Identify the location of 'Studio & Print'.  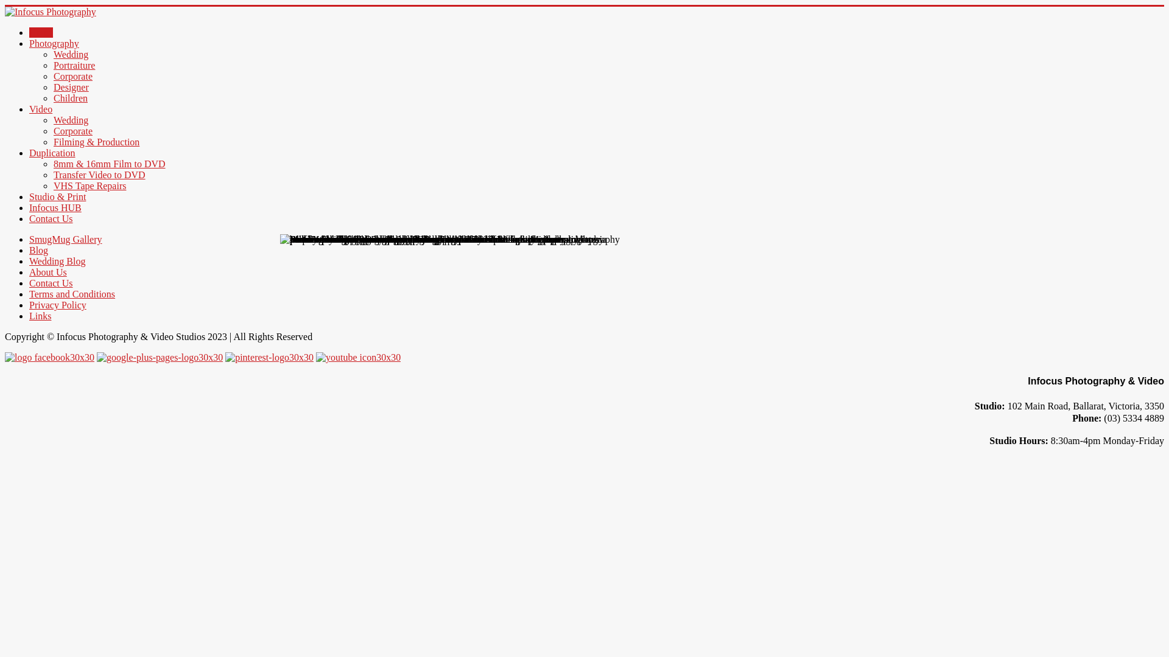
(57, 196).